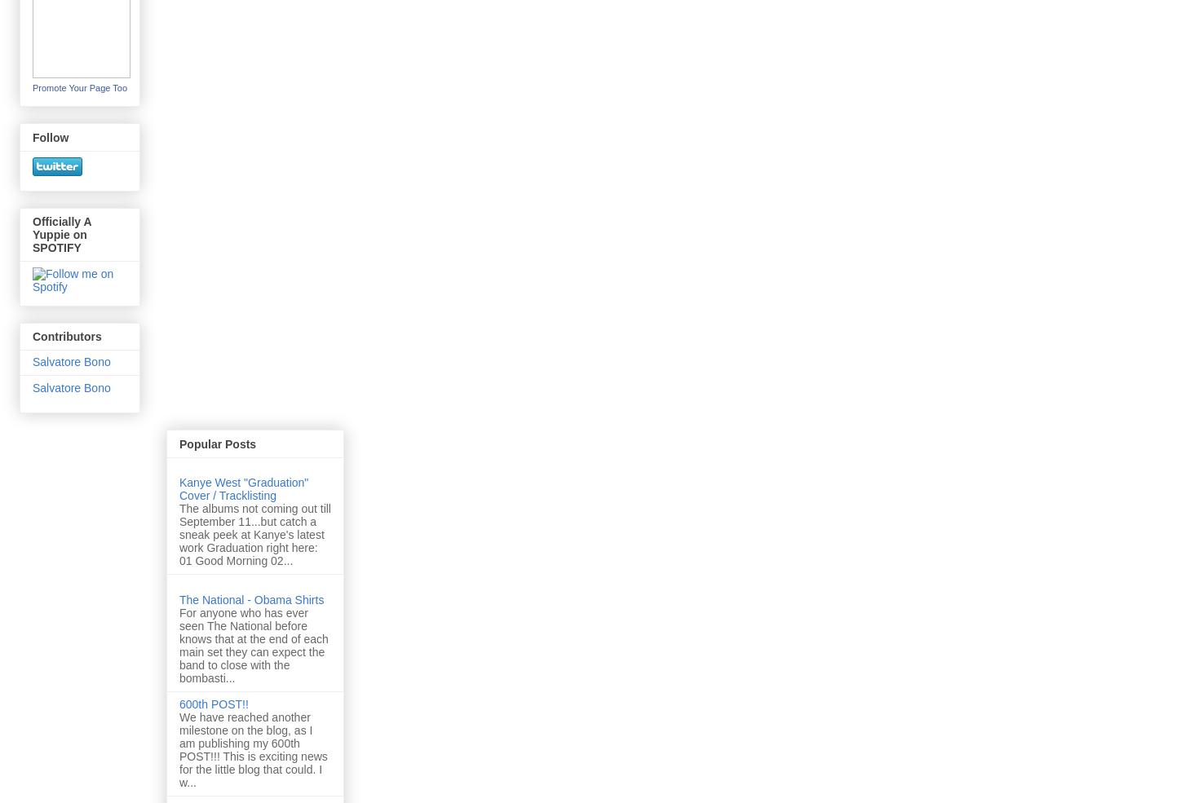  I want to click on 'Officially A Yuppie on SPOTIFY', so click(62, 234).